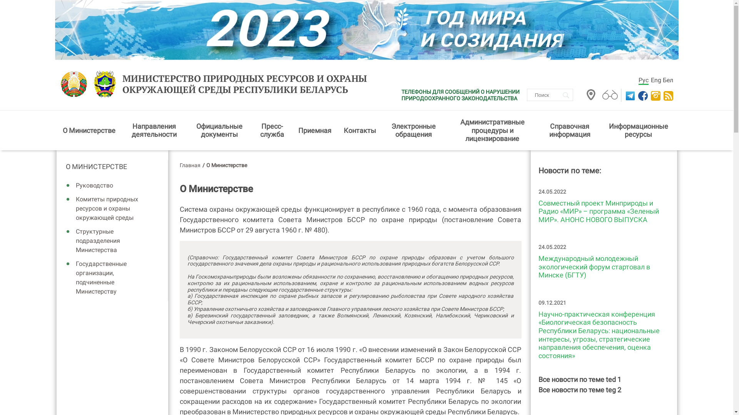 The width and height of the screenshot is (739, 415). I want to click on 'Instagram', so click(650, 95).